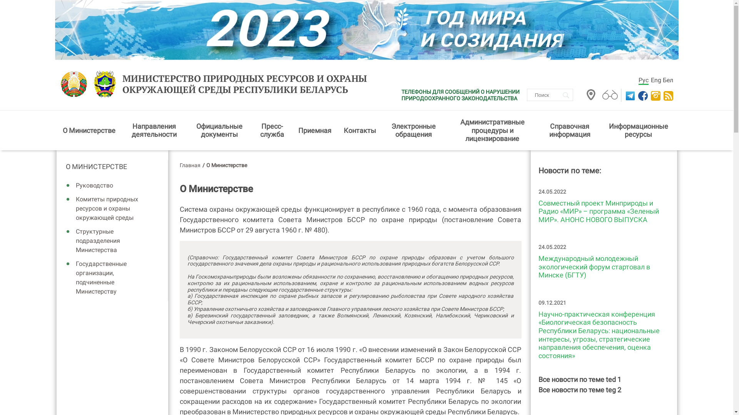 The width and height of the screenshot is (739, 415). I want to click on 'Instagram', so click(650, 95).